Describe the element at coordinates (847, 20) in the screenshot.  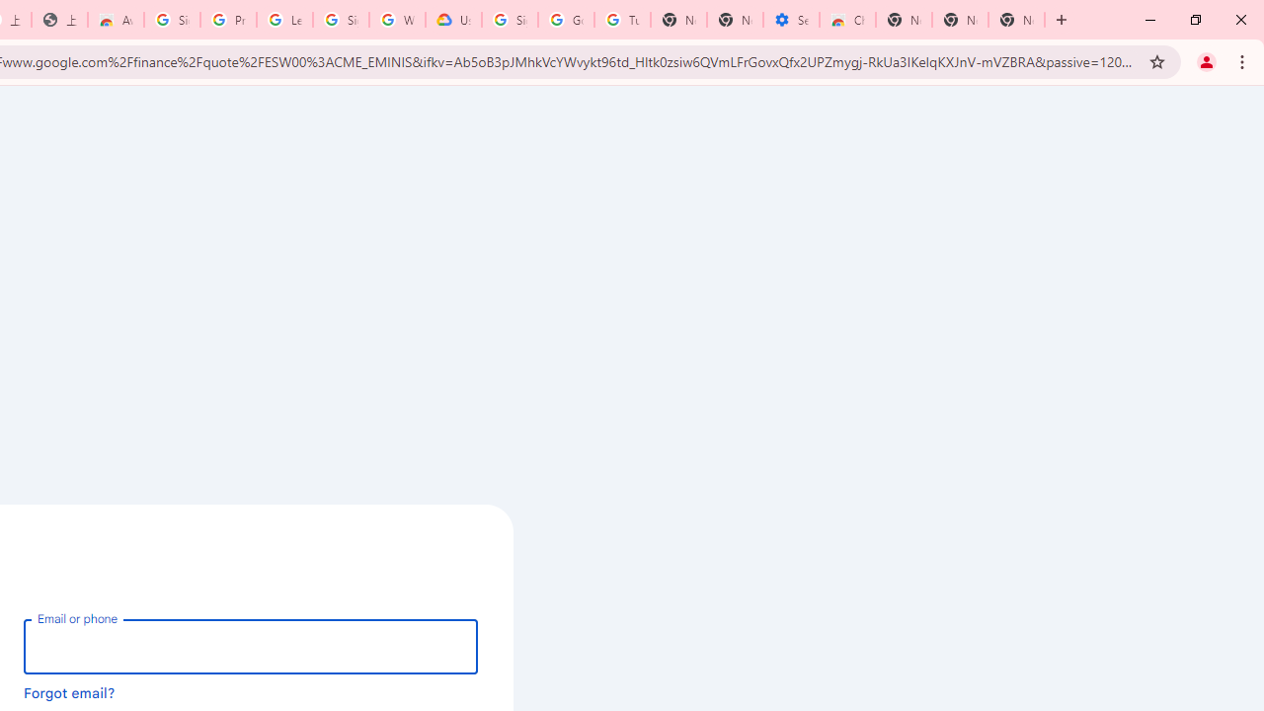
I see `'Chrome Web Store - Accessibility extensions'` at that location.